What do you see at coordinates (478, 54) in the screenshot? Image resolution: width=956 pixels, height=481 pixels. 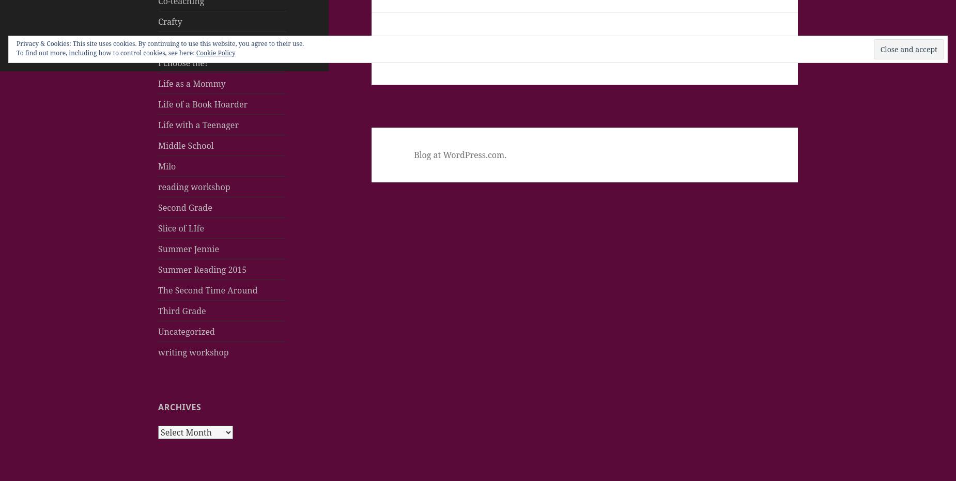 I see `'The Alien Moves…'` at bounding box center [478, 54].